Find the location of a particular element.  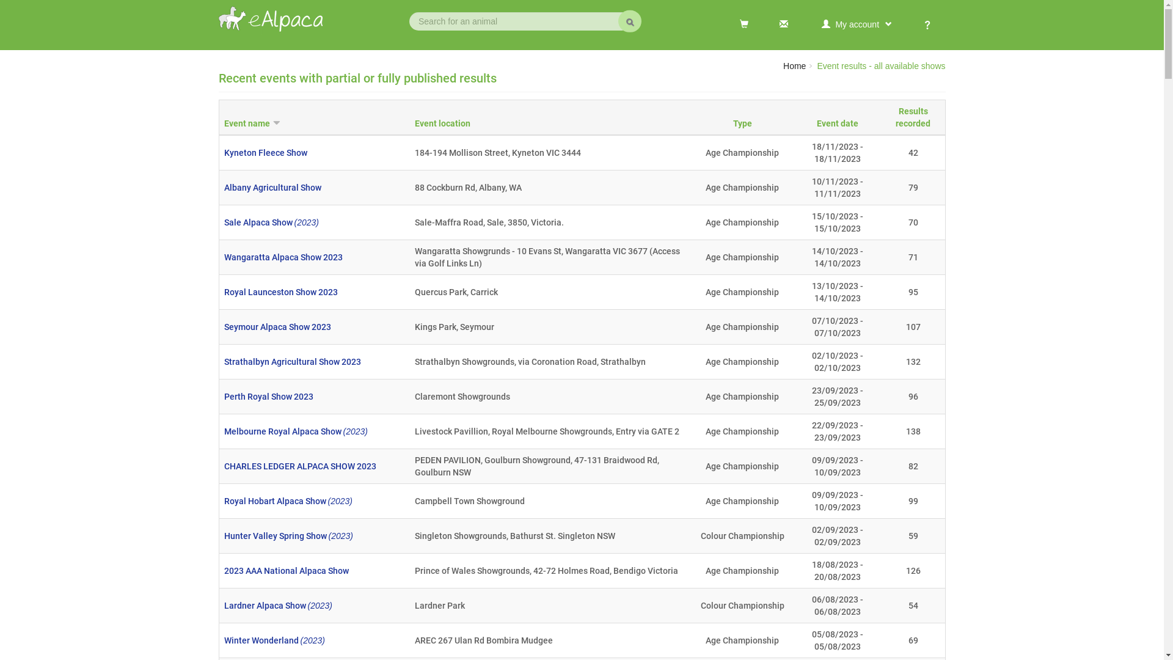

'Royal Hobart Alpaca Show (2023)' is located at coordinates (287, 501).